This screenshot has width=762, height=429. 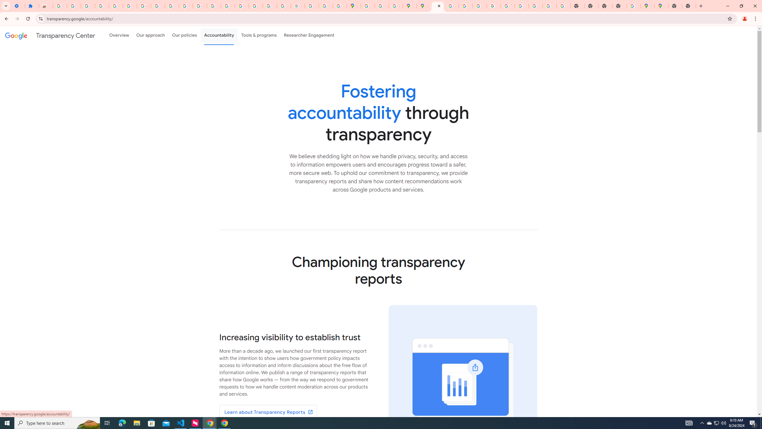 I want to click on 'Settings - On startup', so click(x=18, y=6).